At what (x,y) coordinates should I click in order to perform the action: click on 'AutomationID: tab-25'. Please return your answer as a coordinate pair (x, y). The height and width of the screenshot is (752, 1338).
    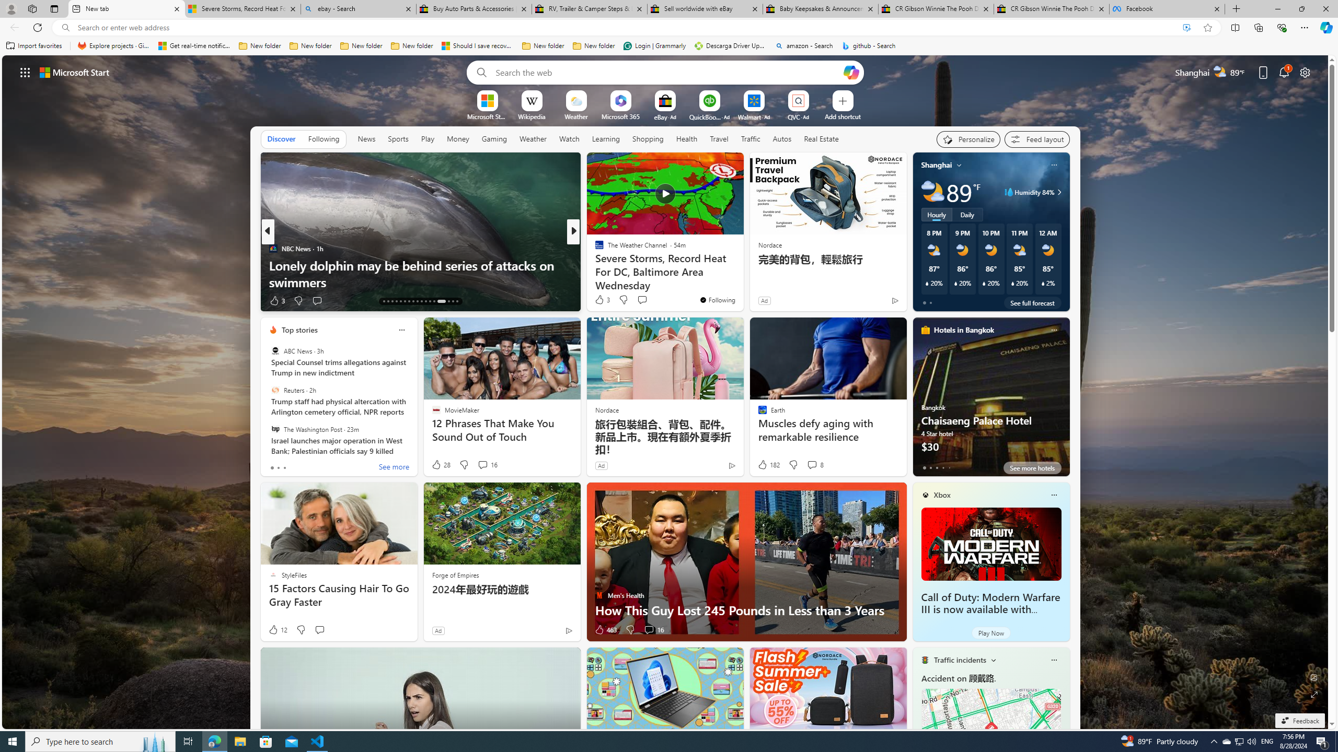
    Looking at the image, I should click on (433, 301).